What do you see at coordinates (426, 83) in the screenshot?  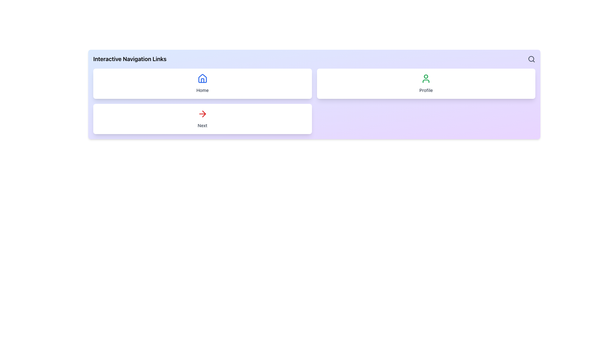 I see `the 'Profile' button, which is the second card in a horizontal layout` at bounding box center [426, 83].